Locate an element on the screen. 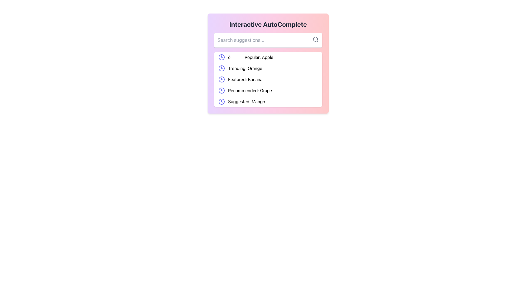  the circular outline within the clock icon associated with the 'Recommended: Grape' list item, which is the fourth in a vertical sequence of similar elements is located at coordinates (222, 90).